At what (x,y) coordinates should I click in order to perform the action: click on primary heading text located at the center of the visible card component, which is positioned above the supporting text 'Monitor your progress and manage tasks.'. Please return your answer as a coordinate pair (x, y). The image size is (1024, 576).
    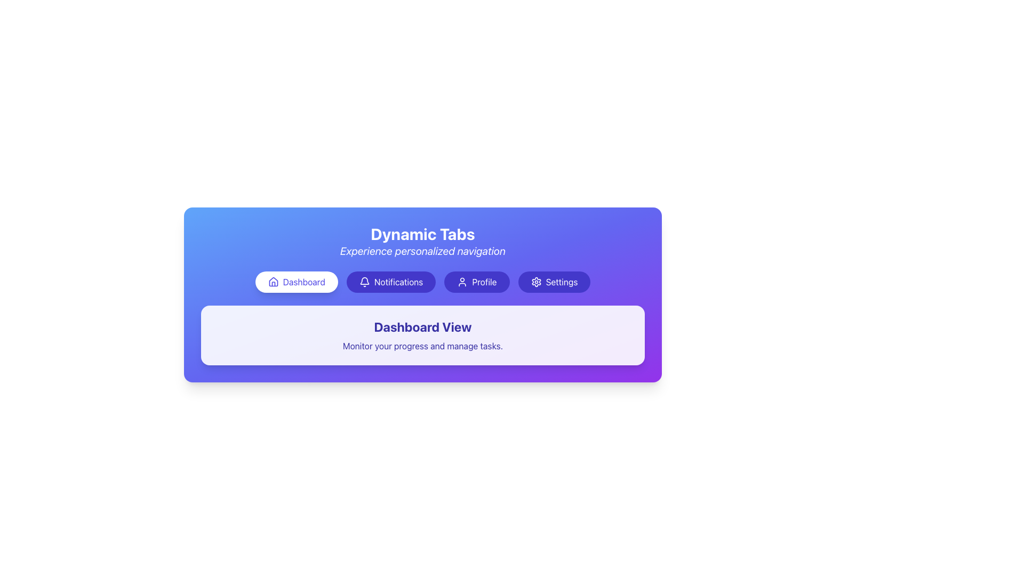
    Looking at the image, I should click on (422, 326).